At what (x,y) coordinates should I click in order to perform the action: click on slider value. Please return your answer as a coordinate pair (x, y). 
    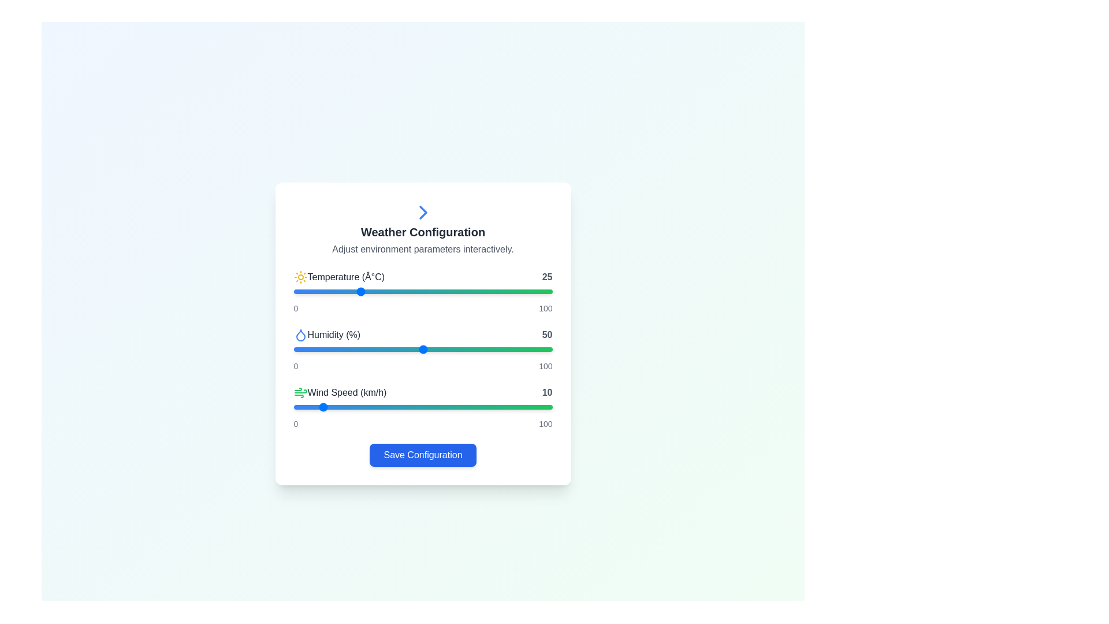
    Looking at the image, I should click on (365, 291).